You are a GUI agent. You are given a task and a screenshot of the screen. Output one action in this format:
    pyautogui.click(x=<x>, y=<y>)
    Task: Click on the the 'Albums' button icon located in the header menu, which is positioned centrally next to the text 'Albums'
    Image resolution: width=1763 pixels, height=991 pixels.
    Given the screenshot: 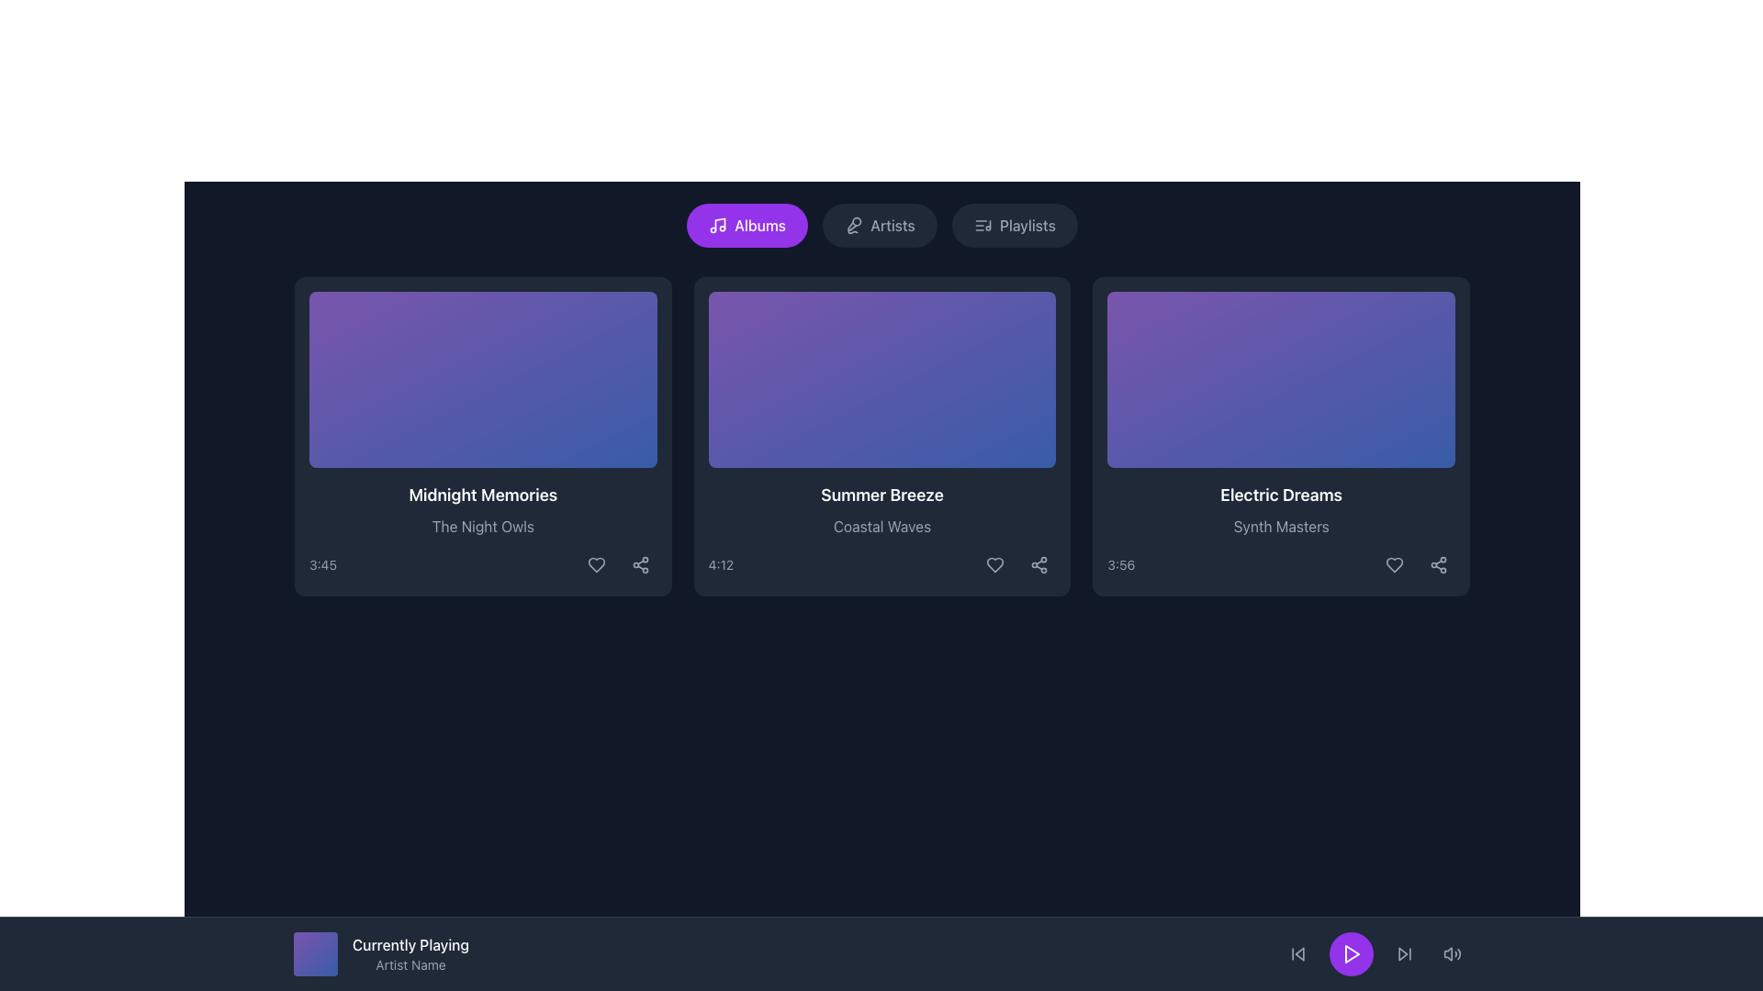 What is the action you would take?
    pyautogui.click(x=717, y=225)
    